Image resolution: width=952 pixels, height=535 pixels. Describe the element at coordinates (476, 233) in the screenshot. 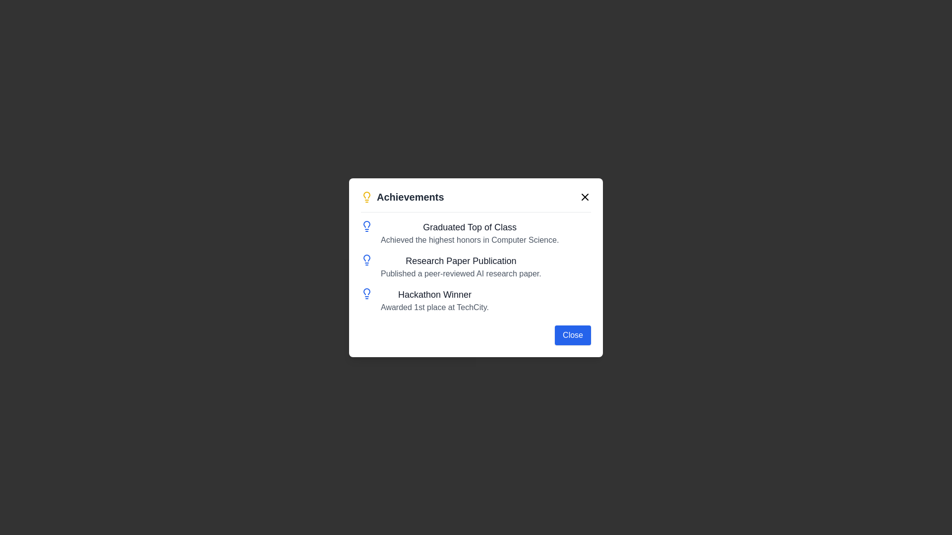

I see `the Information Display Block that informs users about graduating top of class with the highest honors in Computer Science` at that location.